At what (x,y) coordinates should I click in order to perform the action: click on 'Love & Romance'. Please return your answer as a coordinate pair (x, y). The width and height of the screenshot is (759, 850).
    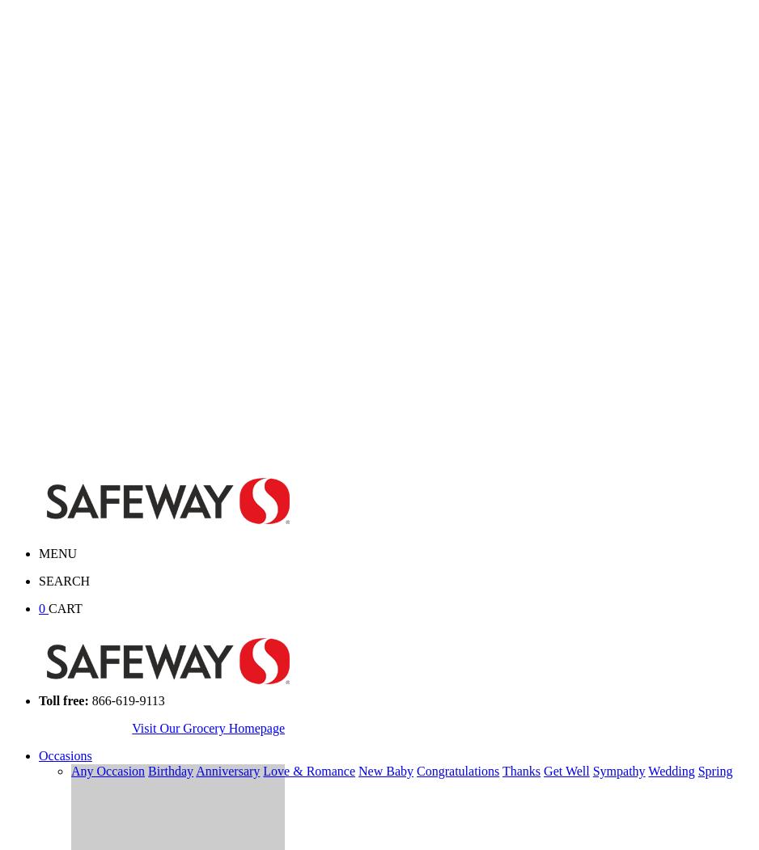
    Looking at the image, I should click on (307, 770).